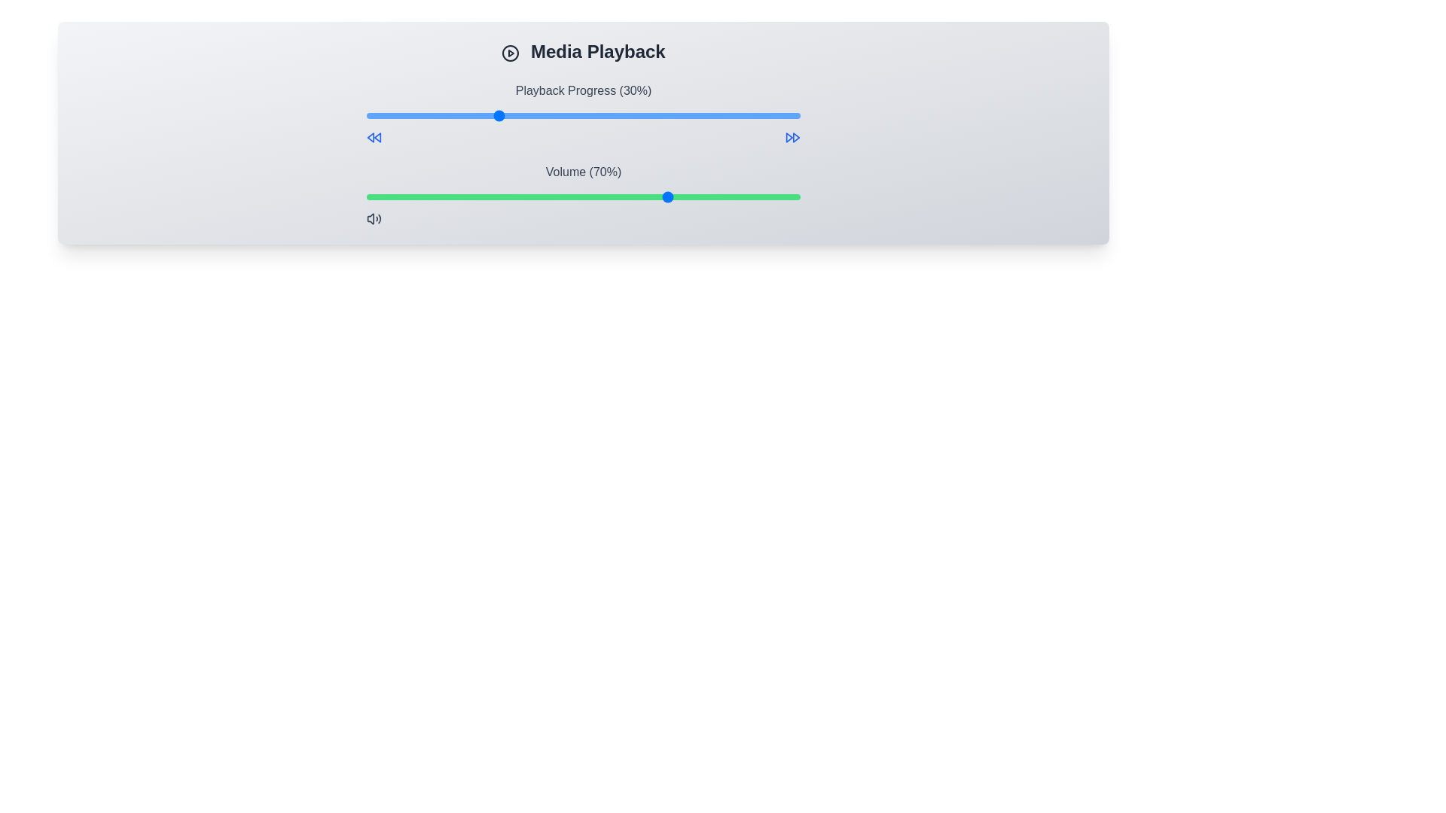  What do you see at coordinates (712, 115) in the screenshot?
I see `the playback progress to 80% by moving the slider` at bounding box center [712, 115].